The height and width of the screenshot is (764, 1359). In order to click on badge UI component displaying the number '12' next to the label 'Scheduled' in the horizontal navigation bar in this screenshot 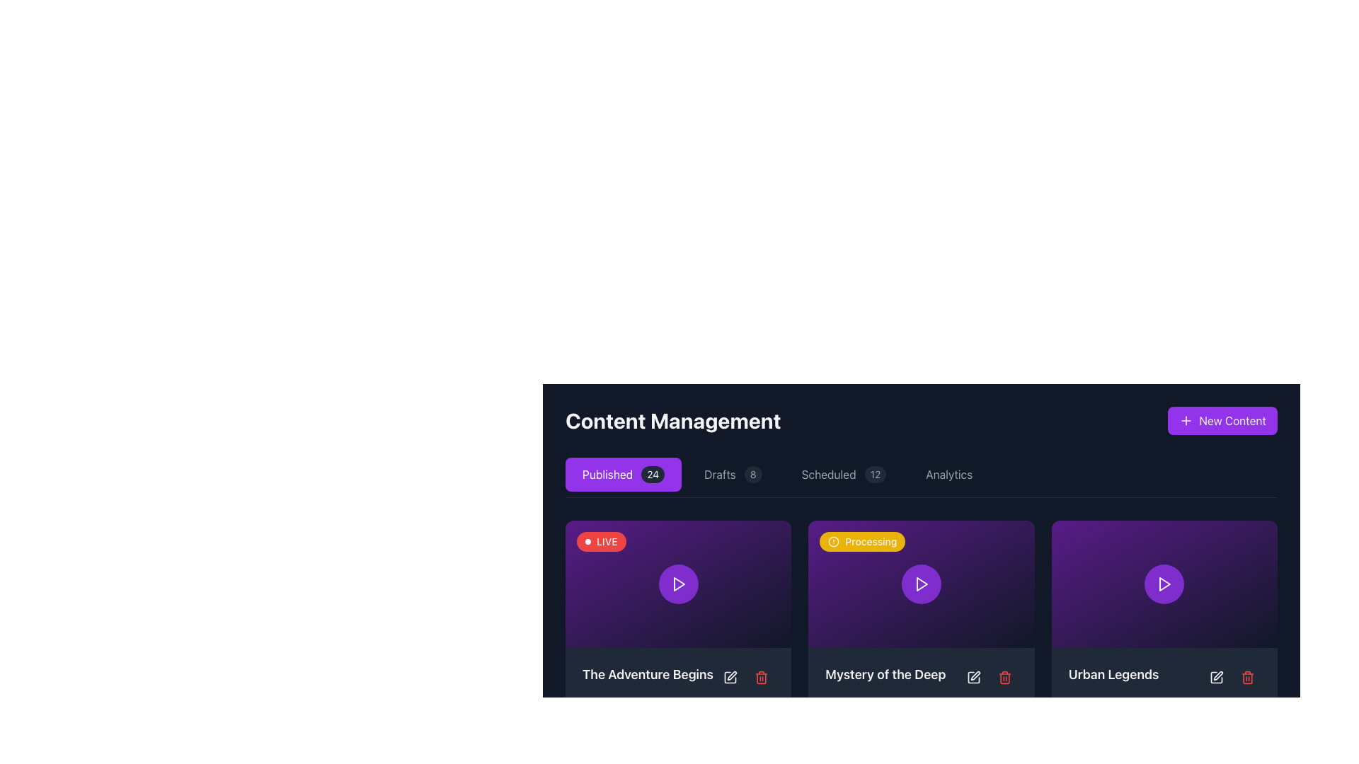, I will do `click(874, 475)`.